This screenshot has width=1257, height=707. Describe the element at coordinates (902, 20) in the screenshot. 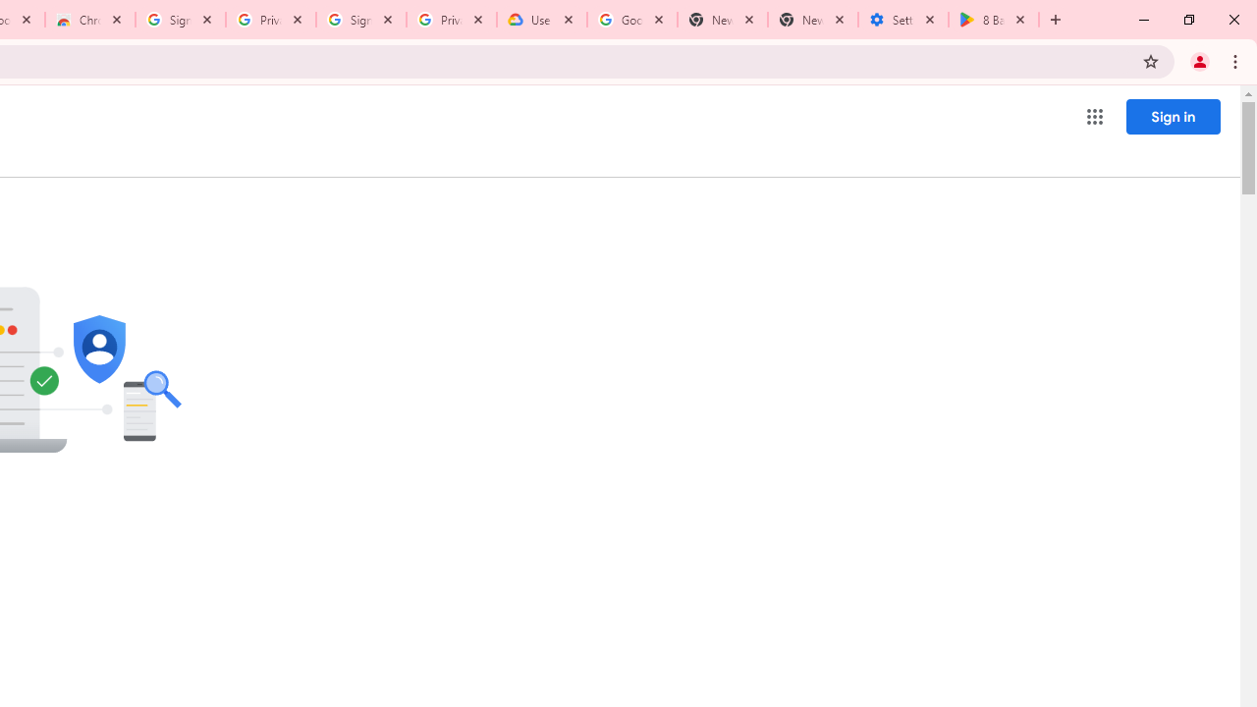

I see `'Settings - System'` at that location.